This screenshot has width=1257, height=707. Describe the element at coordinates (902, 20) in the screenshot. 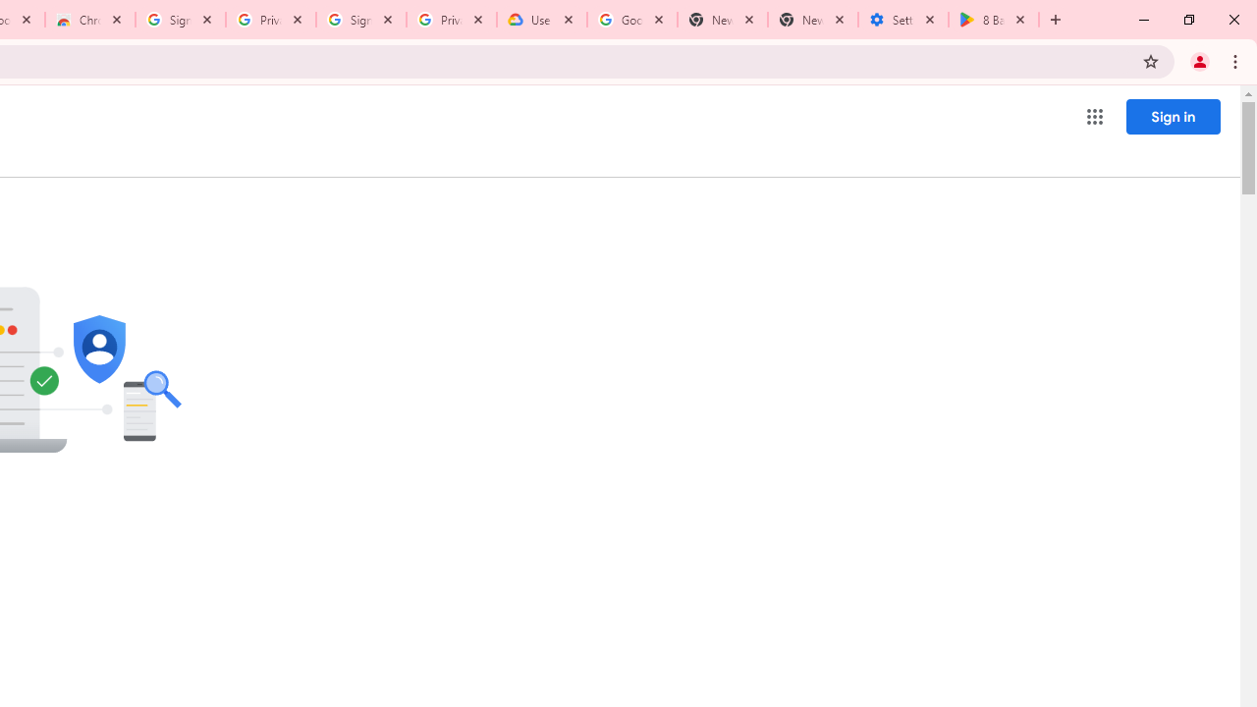

I see `'Settings - System'` at that location.